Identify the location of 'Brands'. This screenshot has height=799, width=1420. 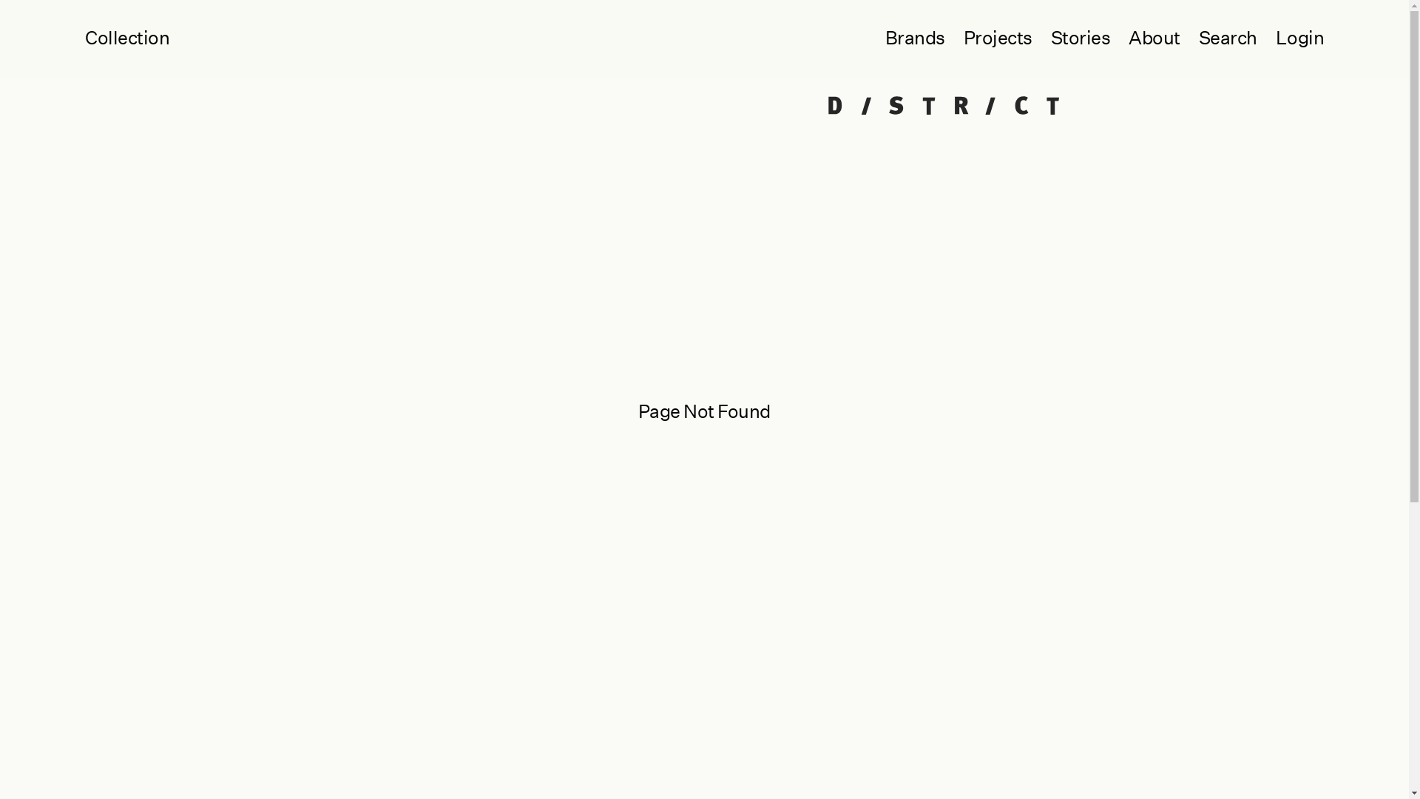
(866, 37).